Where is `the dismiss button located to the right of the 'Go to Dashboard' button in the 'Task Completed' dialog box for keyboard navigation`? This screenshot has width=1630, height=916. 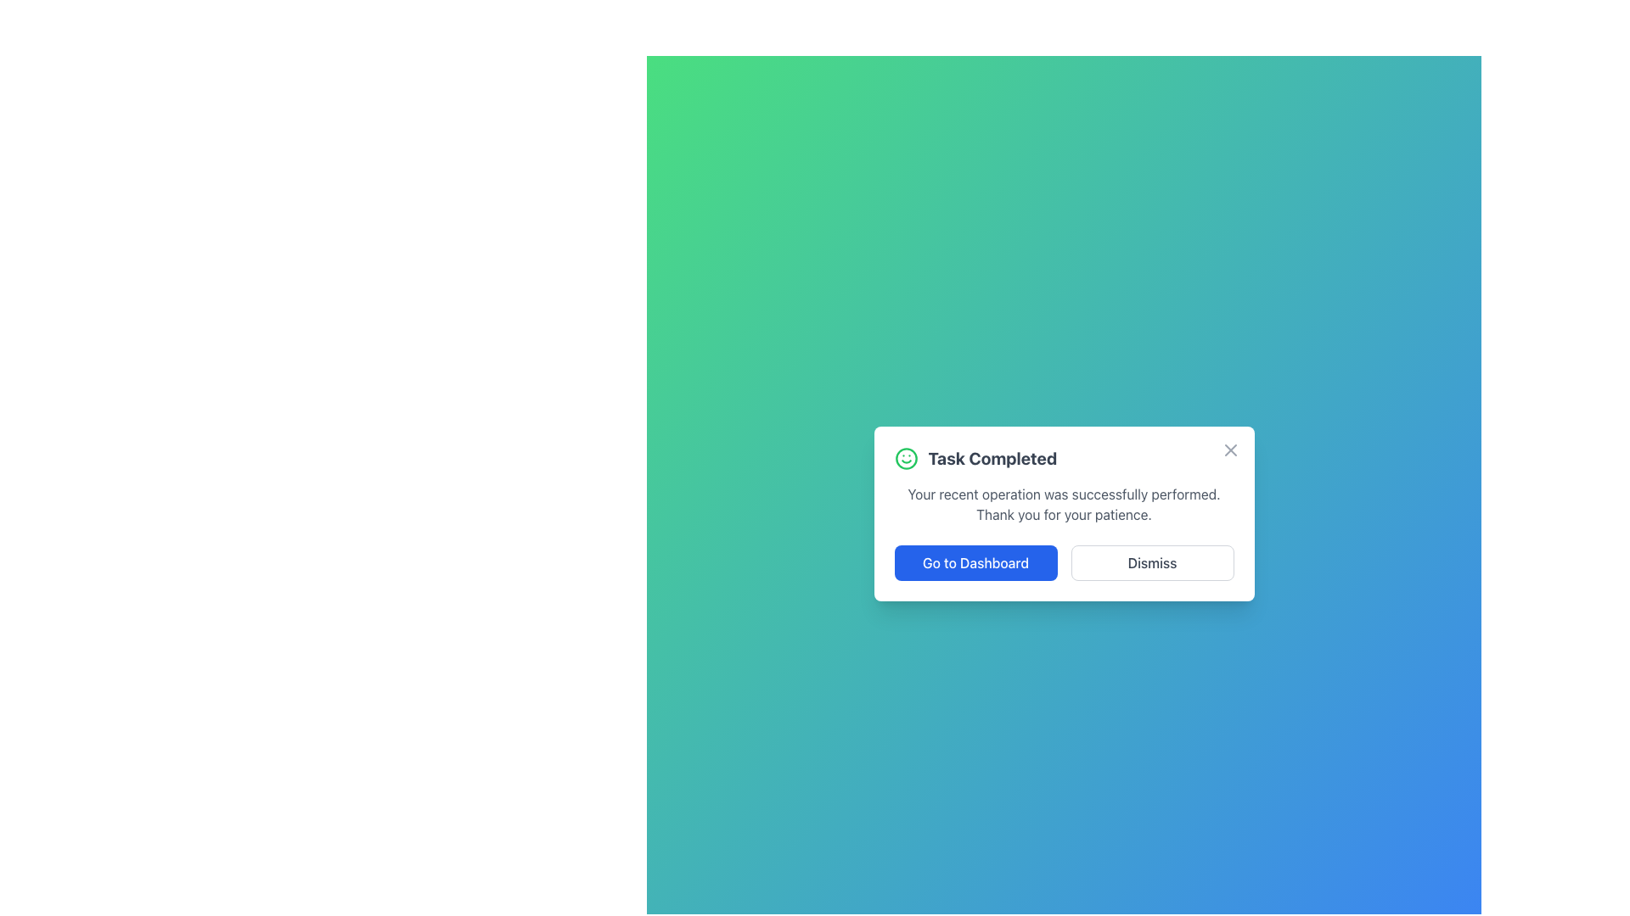
the dismiss button located to the right of the 'Go to Dashboard' button in the 'Task Completed' dialog box for keyboard navigation is located at coordinates (1152, 562).